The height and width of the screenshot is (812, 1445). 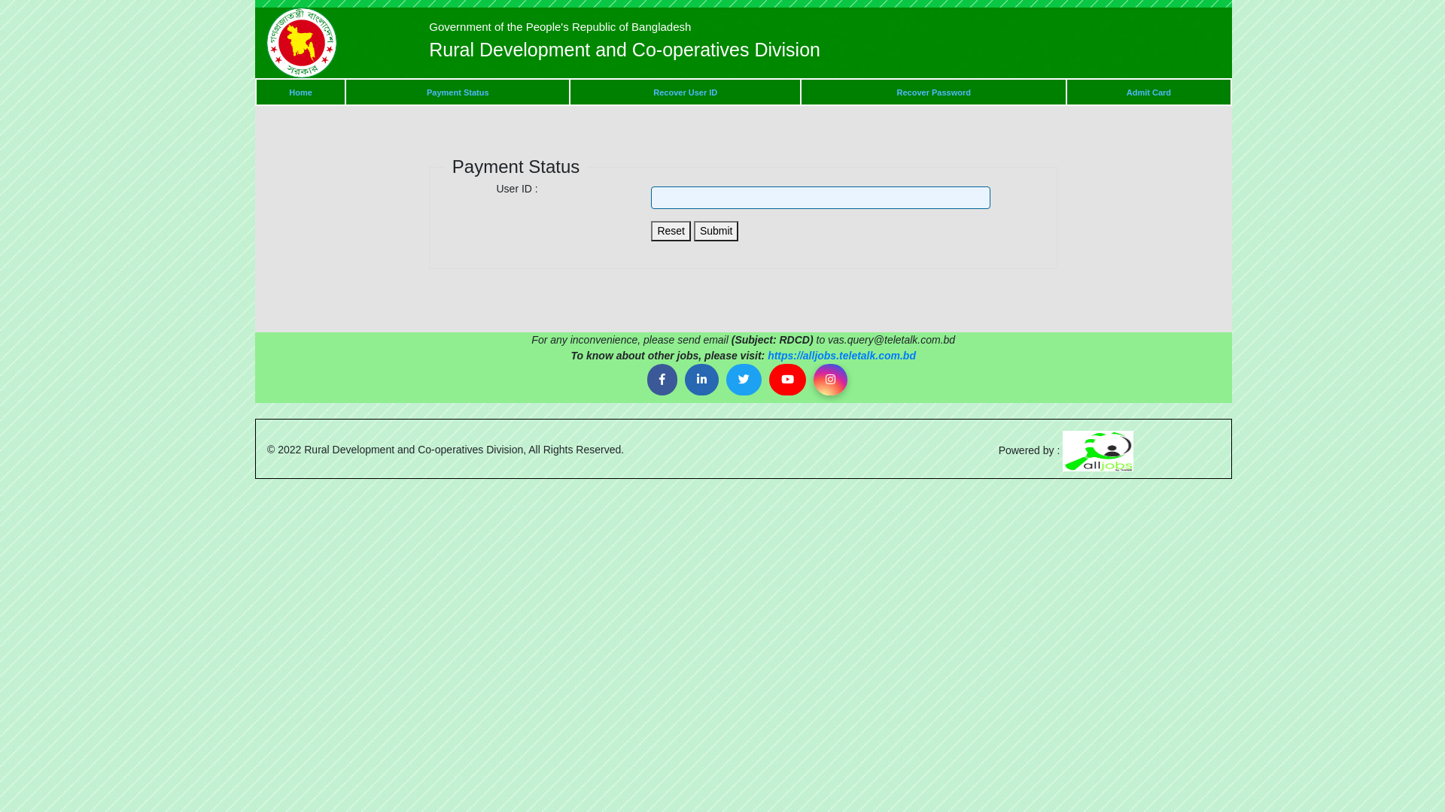 I want to click on 'Payment Status', so click(x=457, y=92).